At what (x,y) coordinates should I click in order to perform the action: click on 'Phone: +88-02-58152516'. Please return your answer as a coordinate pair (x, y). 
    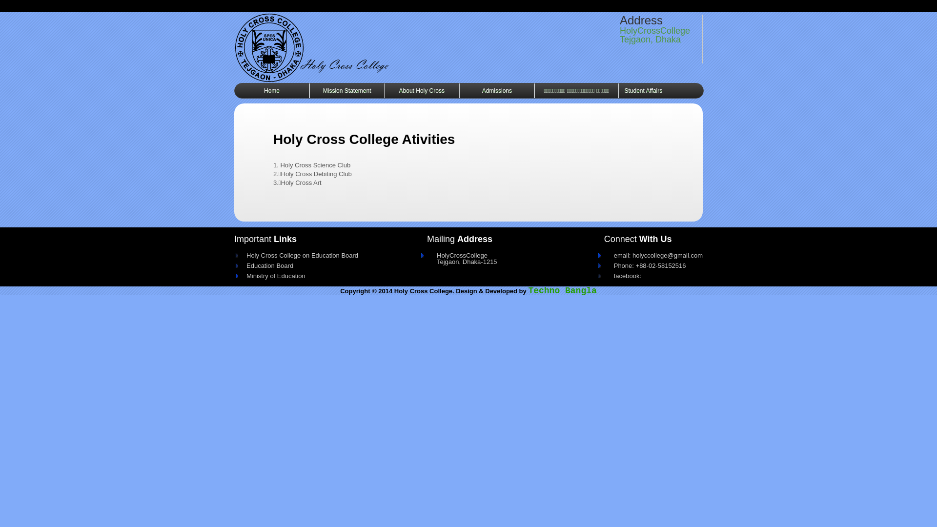
    Looking at the image, I should click on (653, 263).